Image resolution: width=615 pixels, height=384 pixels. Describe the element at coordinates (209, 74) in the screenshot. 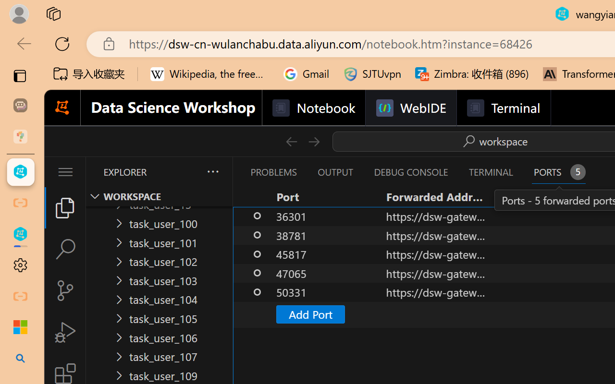

I see `'Wikipedia, the free encyclopedia'` at that location.